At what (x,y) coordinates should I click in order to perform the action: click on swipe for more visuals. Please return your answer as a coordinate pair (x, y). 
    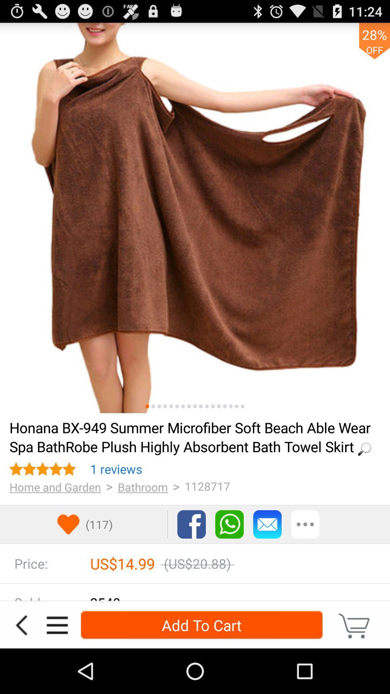
    Looking at the image, I should click on (177, 406).